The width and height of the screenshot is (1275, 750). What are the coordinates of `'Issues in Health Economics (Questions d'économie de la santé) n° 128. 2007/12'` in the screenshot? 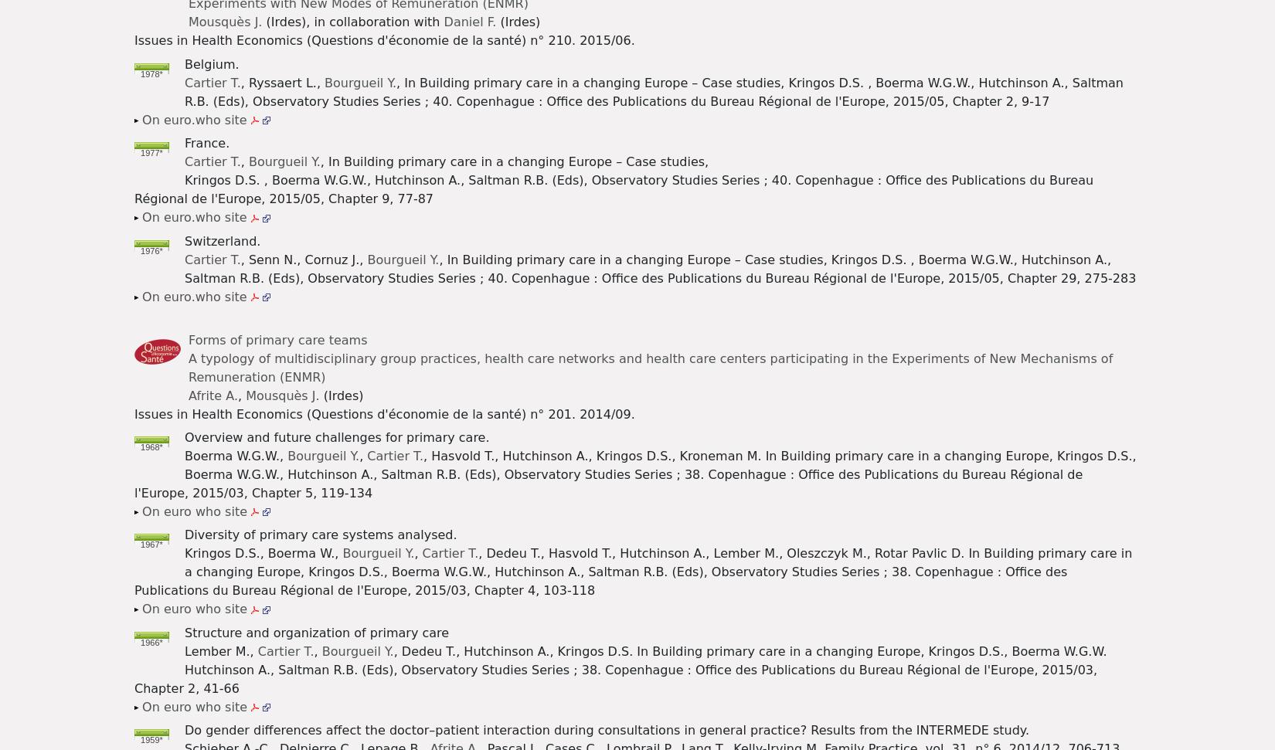 It's located at (435, 376).